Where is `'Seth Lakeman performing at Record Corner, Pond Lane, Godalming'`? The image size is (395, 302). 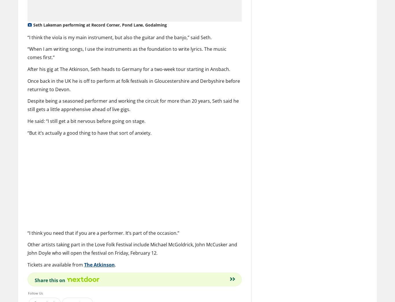
'Seth Lakeman performing at Record Corner, Pond Lane, Godalming' is located at coordinates (99, 25).